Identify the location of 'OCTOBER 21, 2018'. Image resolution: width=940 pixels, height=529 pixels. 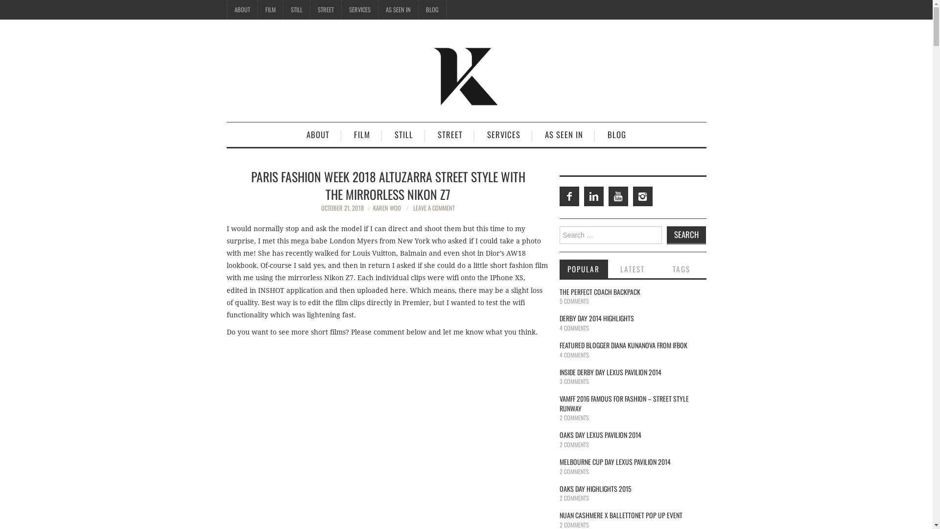
(342, 207).